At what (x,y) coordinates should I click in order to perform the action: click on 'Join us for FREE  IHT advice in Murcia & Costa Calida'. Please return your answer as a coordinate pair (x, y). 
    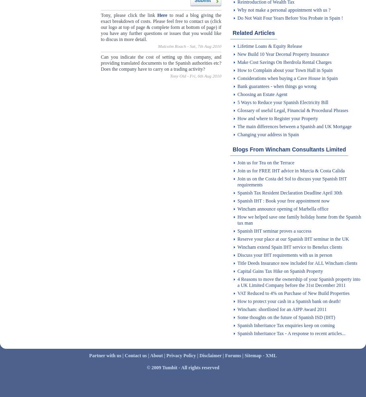
    Looking at the image, I should click on (291, 170).